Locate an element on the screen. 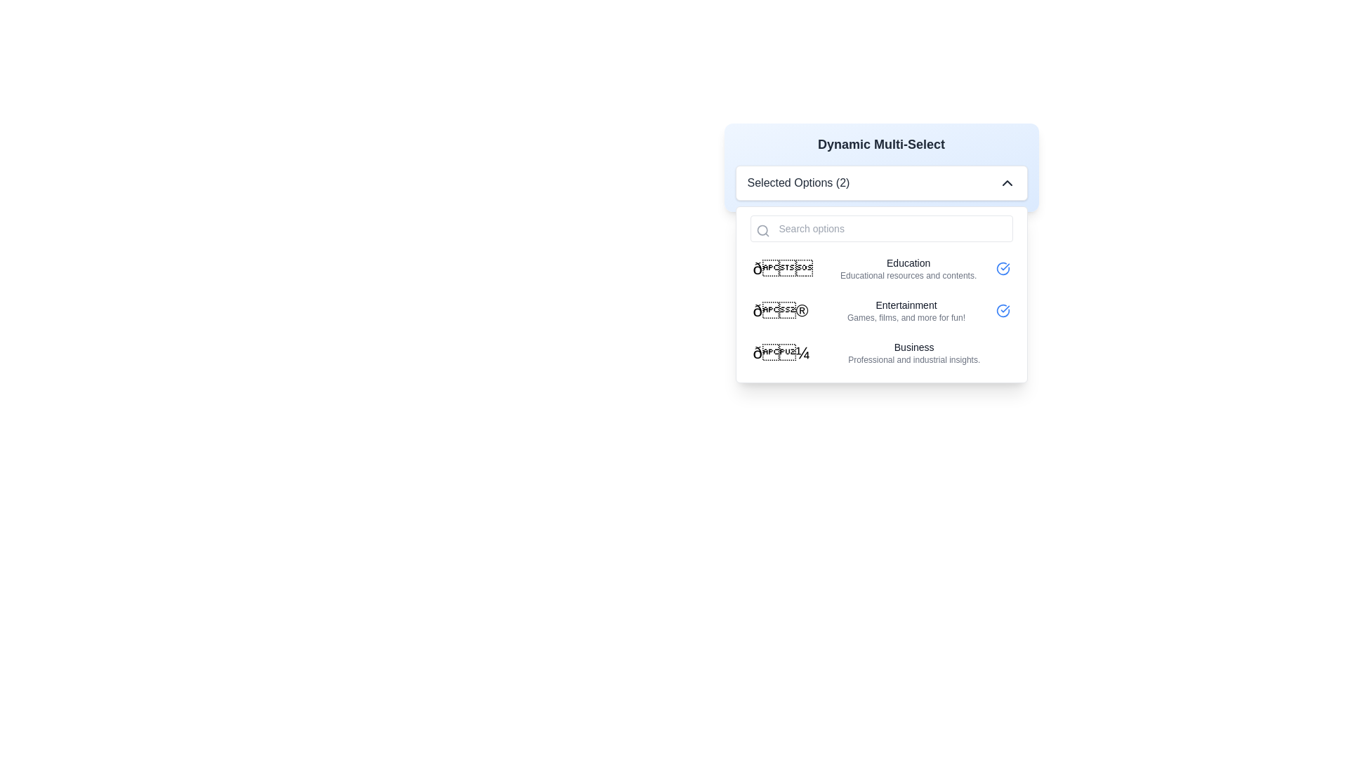 This screenshot has height=758, width=1348. the topmost category item labeled 'Educational Resources' in the dropdown panel 'Dynamic Multi-Select' by tapping it for selection on touch devices is located at coordinates (880, 268).